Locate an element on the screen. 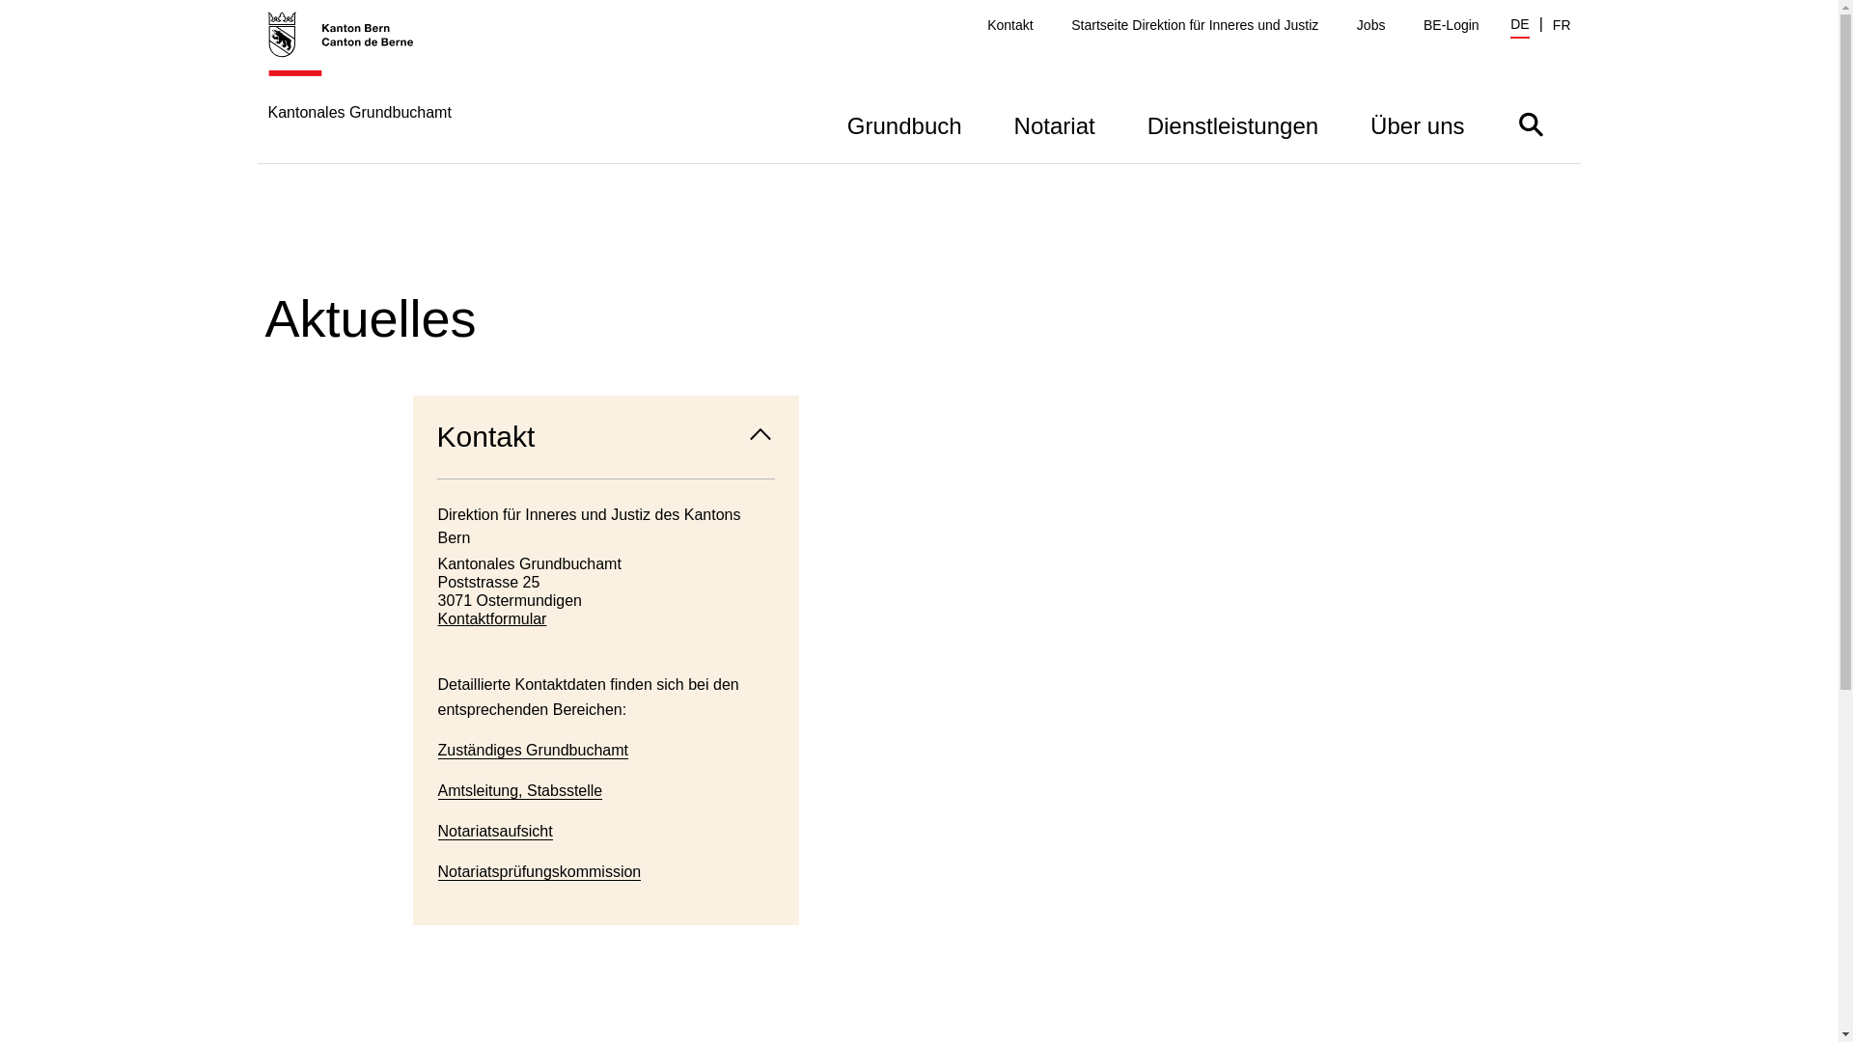 This screenshot has height=1042, width=1853. 'DE' is located at coordinates (1518, 26).